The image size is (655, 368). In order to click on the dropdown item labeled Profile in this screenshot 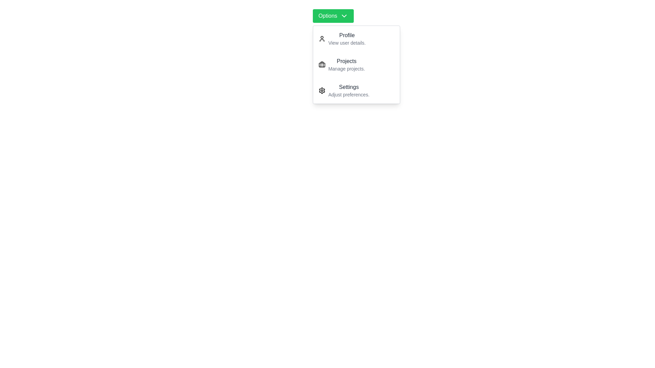, I will do `click(356, 39)`.